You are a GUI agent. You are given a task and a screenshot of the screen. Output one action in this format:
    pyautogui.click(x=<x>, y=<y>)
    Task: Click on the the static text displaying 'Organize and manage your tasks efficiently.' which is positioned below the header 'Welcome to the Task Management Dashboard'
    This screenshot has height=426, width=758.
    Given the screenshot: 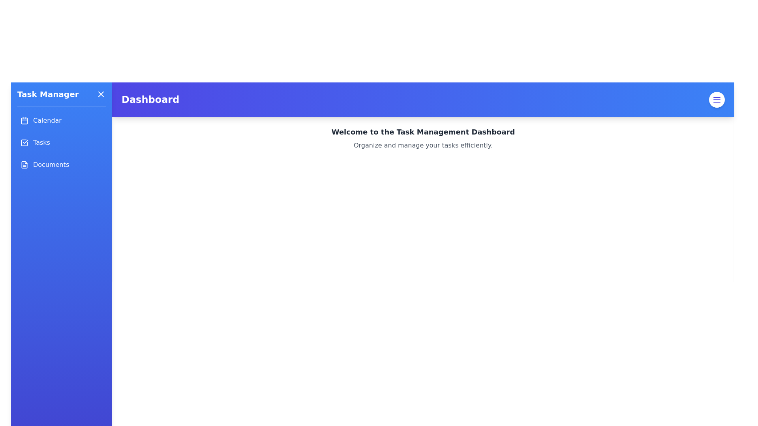 What is the action you would take?
    pyautogui.click(x=422, y=146)
    